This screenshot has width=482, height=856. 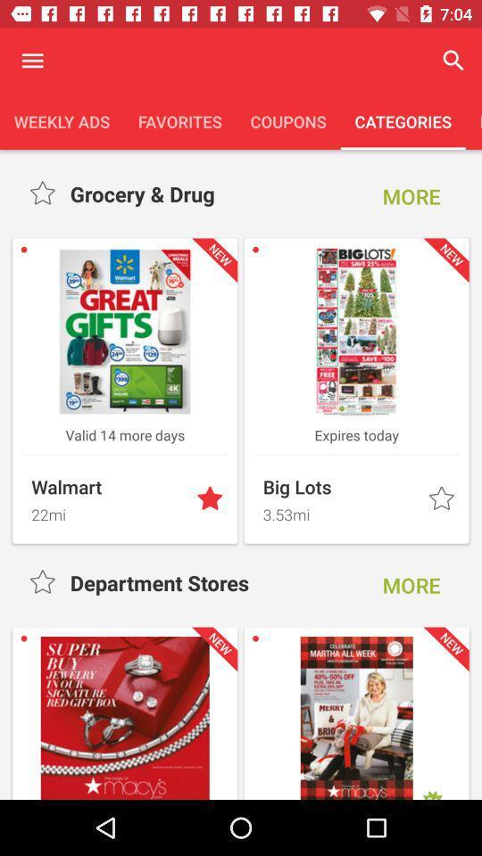 What do you see at coordinates (340, 512) in the screenshot?
I see `3.53mi icon` at bounding box center [340, 512].